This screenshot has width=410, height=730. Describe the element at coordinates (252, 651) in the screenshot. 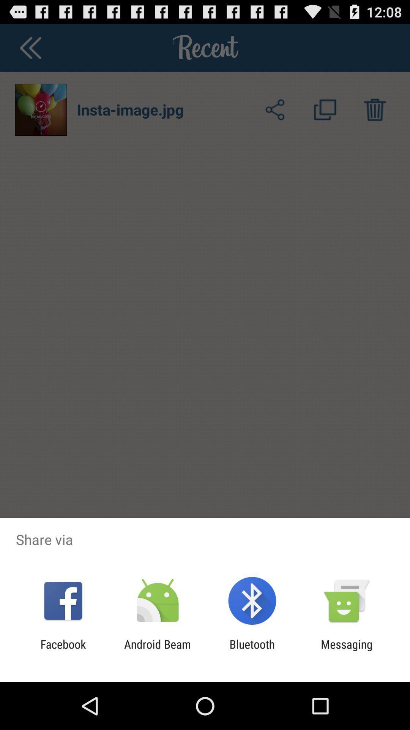

I see `the bluetooth icon` at that location.